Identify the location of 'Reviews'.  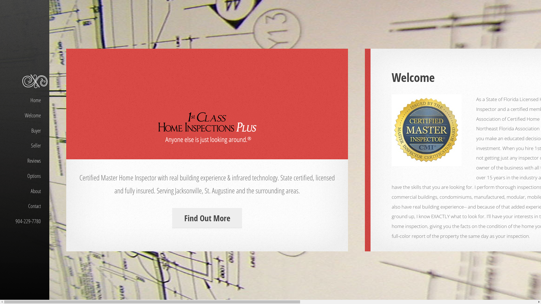
(24, 161).